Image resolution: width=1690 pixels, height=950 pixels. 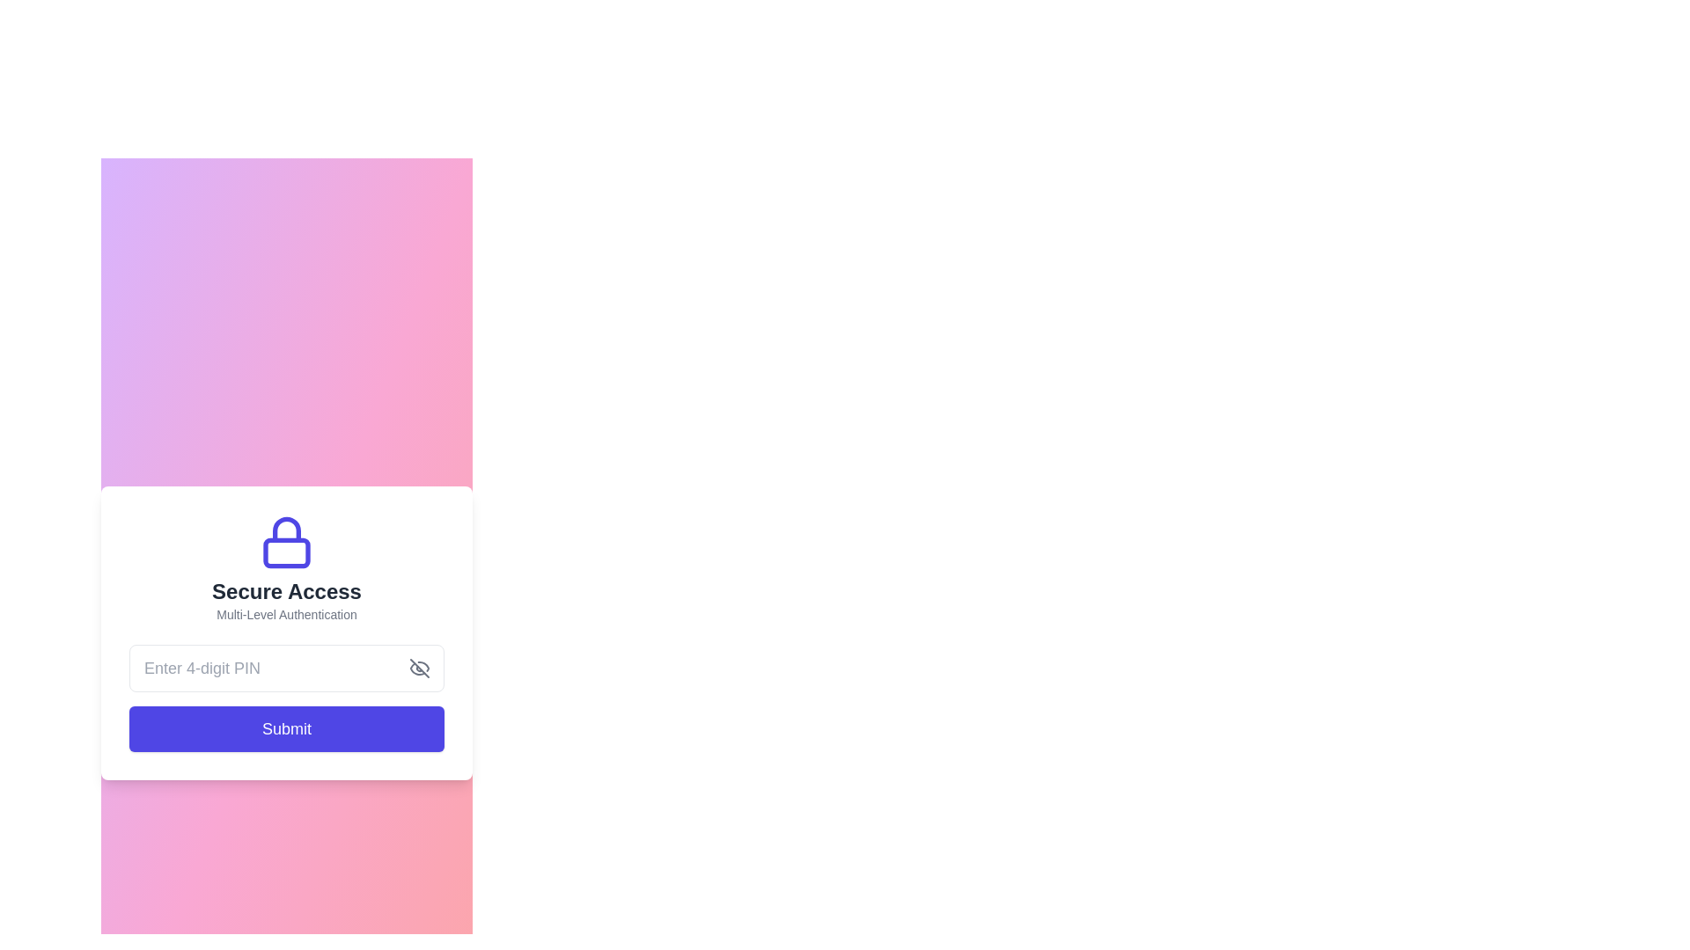 I want to click on the static text element displaying 'Secure Access', which is styled in bold, large font and is centrally aligned, located below a lock icon and above 'Multi-Level Authentication', so click(x=287, y=591).